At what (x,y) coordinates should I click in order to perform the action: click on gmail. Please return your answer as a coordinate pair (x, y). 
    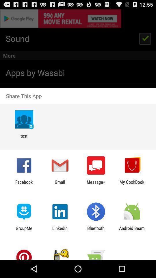
    Looking at the image, I should click on (60, 184).